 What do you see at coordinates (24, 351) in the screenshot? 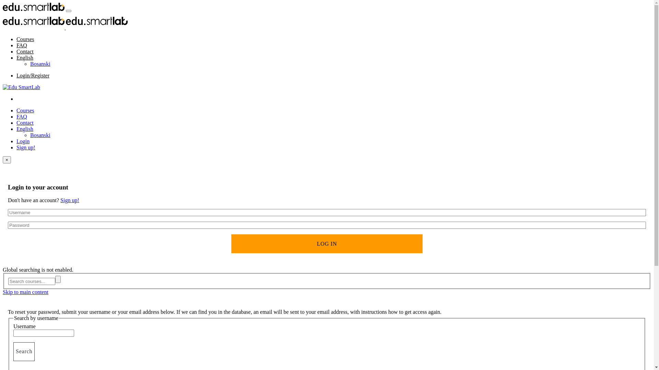
I see `'Search'` at bounding box center [24, 351].